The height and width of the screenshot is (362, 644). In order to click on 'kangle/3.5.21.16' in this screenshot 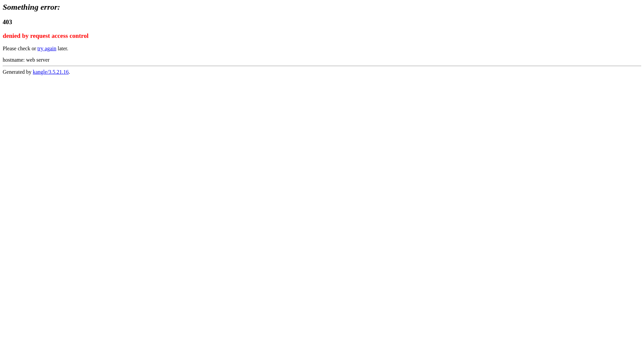, I will do `click(50, 72)`.